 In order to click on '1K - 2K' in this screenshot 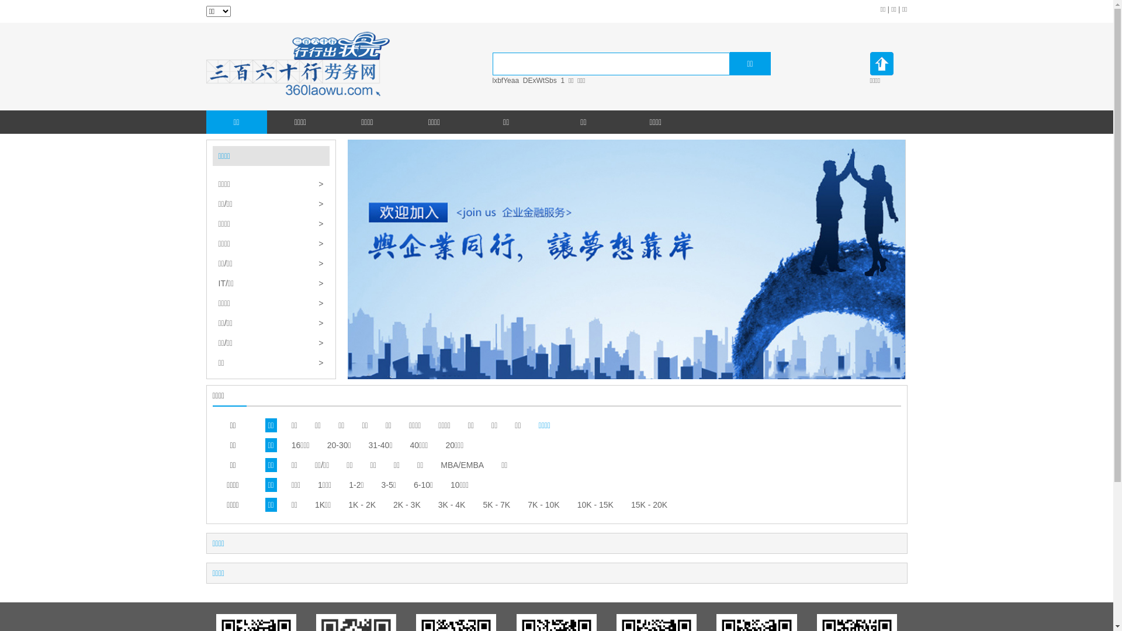, I will do `click(361, 504)`.